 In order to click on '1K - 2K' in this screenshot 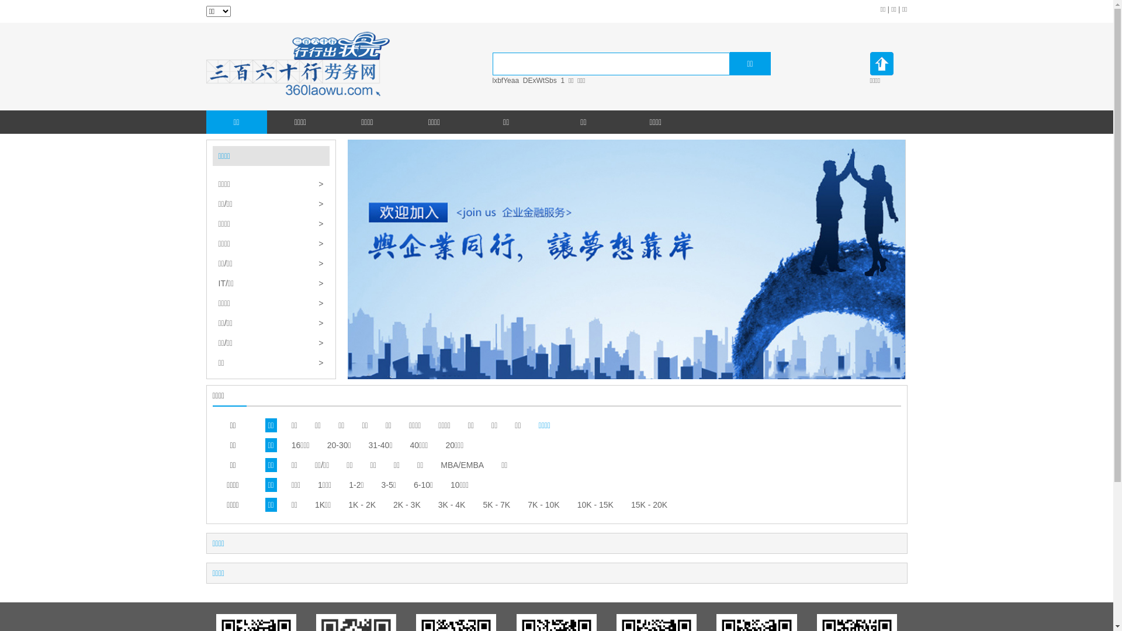, I will do `click(361, 504)`.